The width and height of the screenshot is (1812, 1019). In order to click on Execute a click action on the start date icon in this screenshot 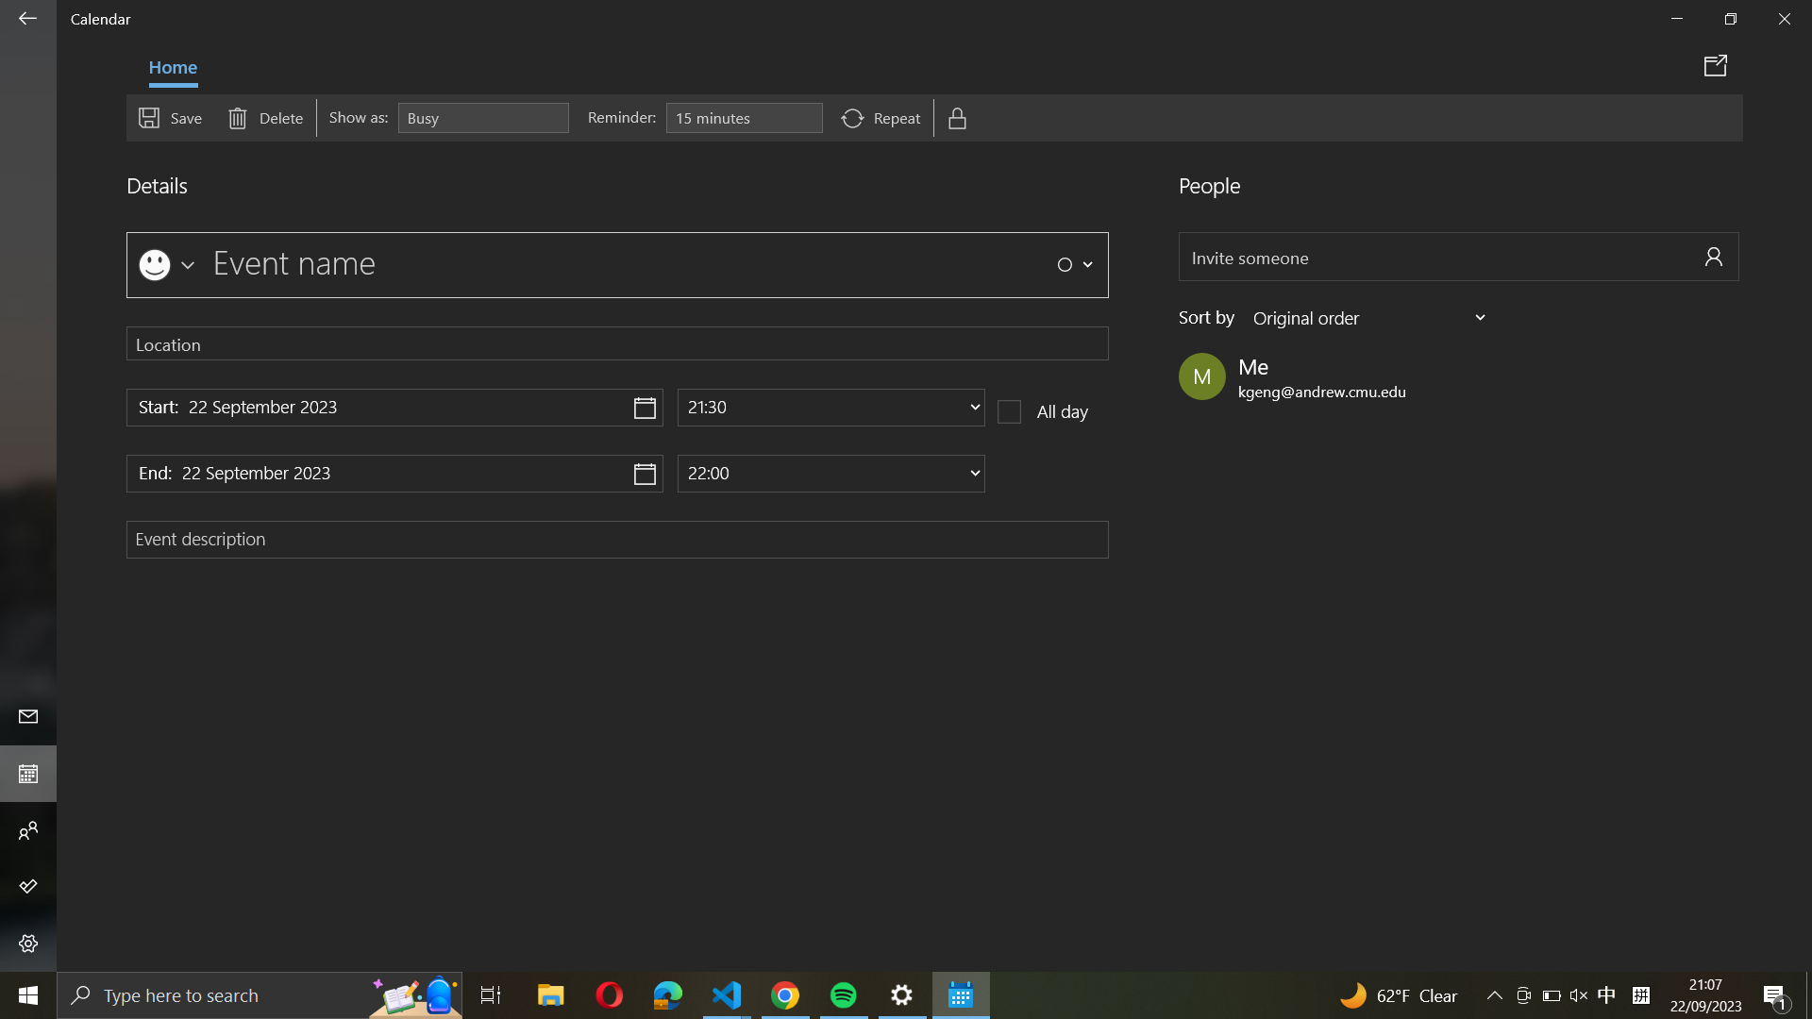, I will do `click(394, 407)`.